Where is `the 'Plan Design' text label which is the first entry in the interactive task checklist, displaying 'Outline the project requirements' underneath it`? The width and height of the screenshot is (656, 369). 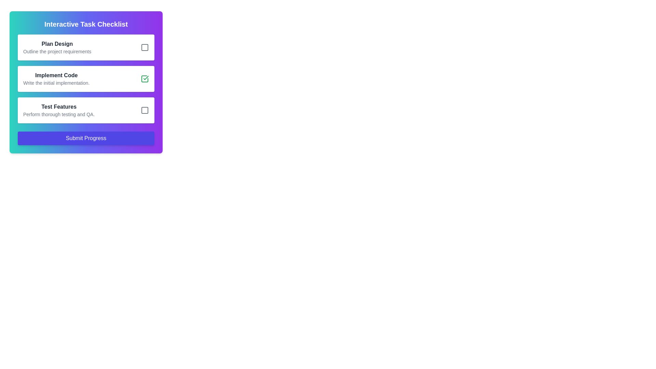 the 'Plan Design' text label which is the first entry in the interactive task checklist, displaying 'Outline the project requirements' underneath it is located at coordinates (57, 47).